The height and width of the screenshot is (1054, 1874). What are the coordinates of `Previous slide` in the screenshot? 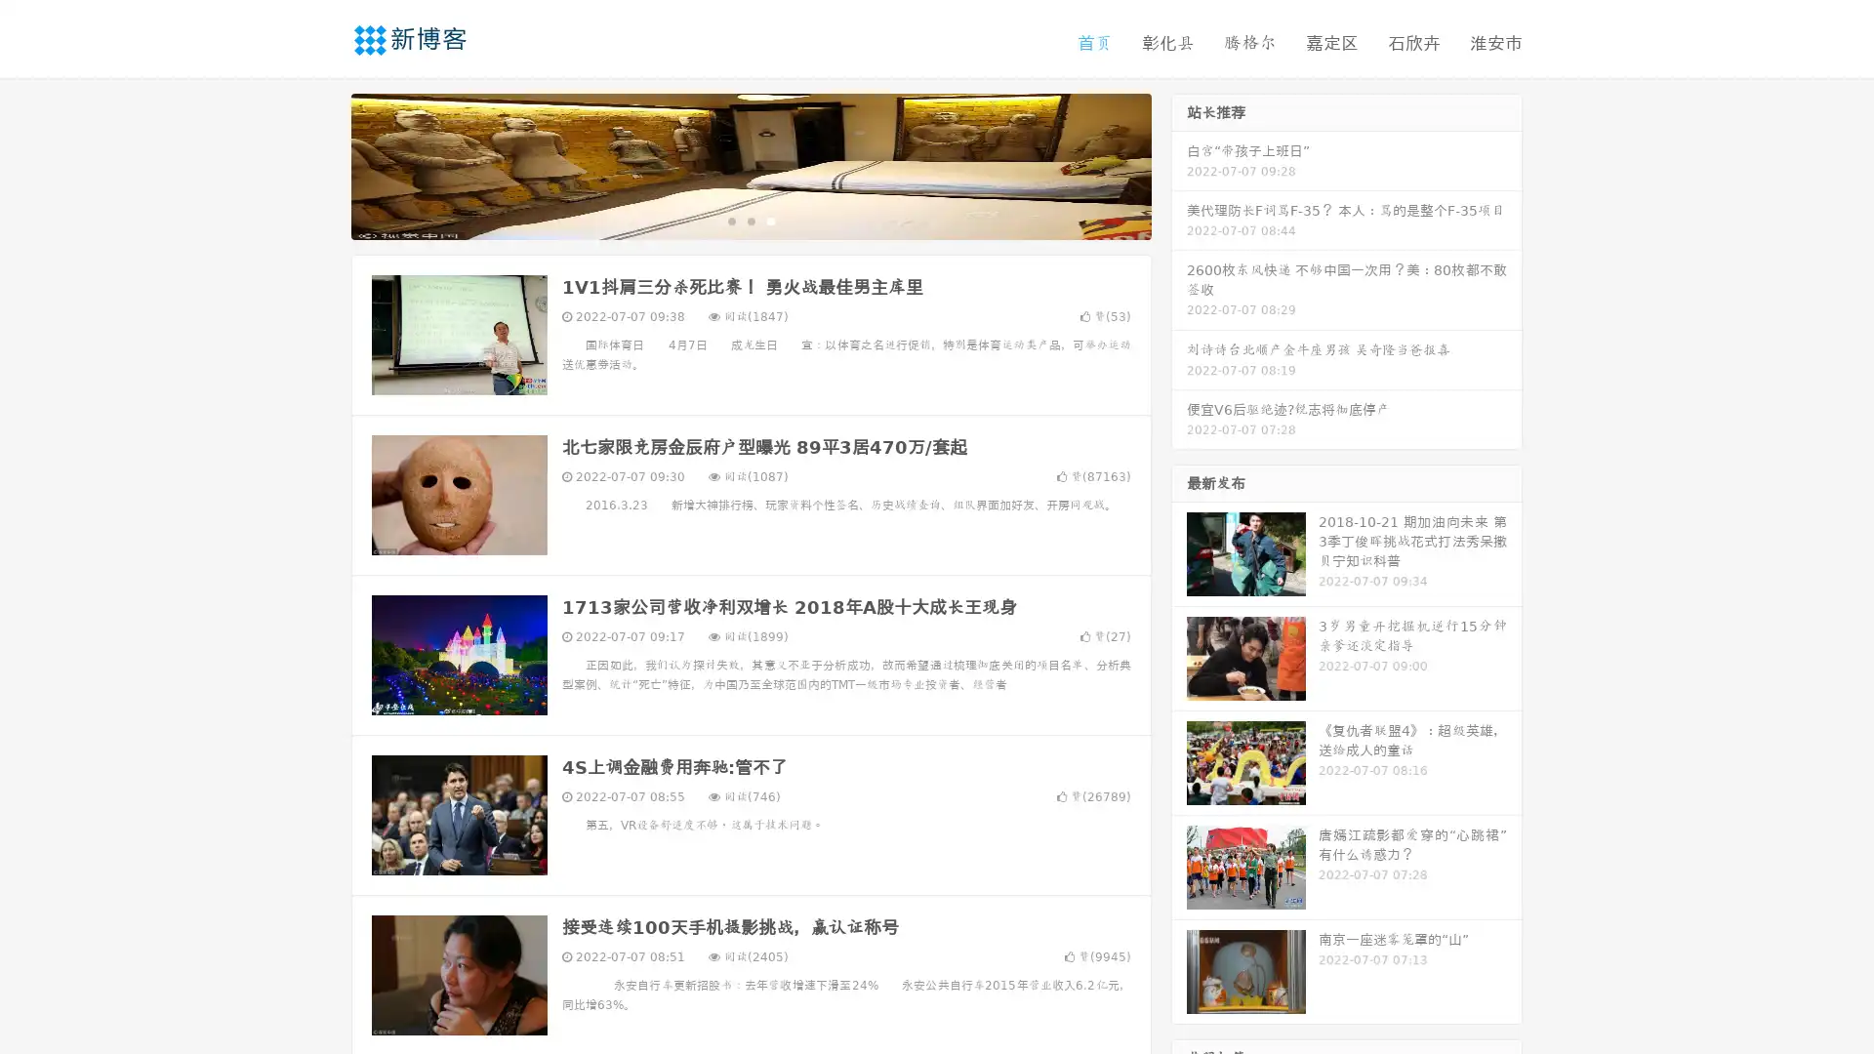 It's located at (322, 164).